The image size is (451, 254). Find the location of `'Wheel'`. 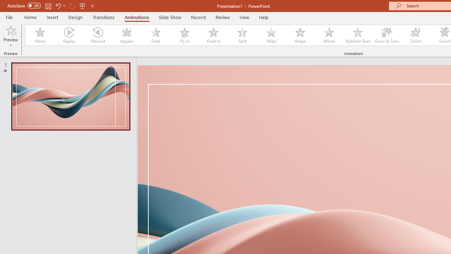

'Wheel' is located at coordinates (329, 35).